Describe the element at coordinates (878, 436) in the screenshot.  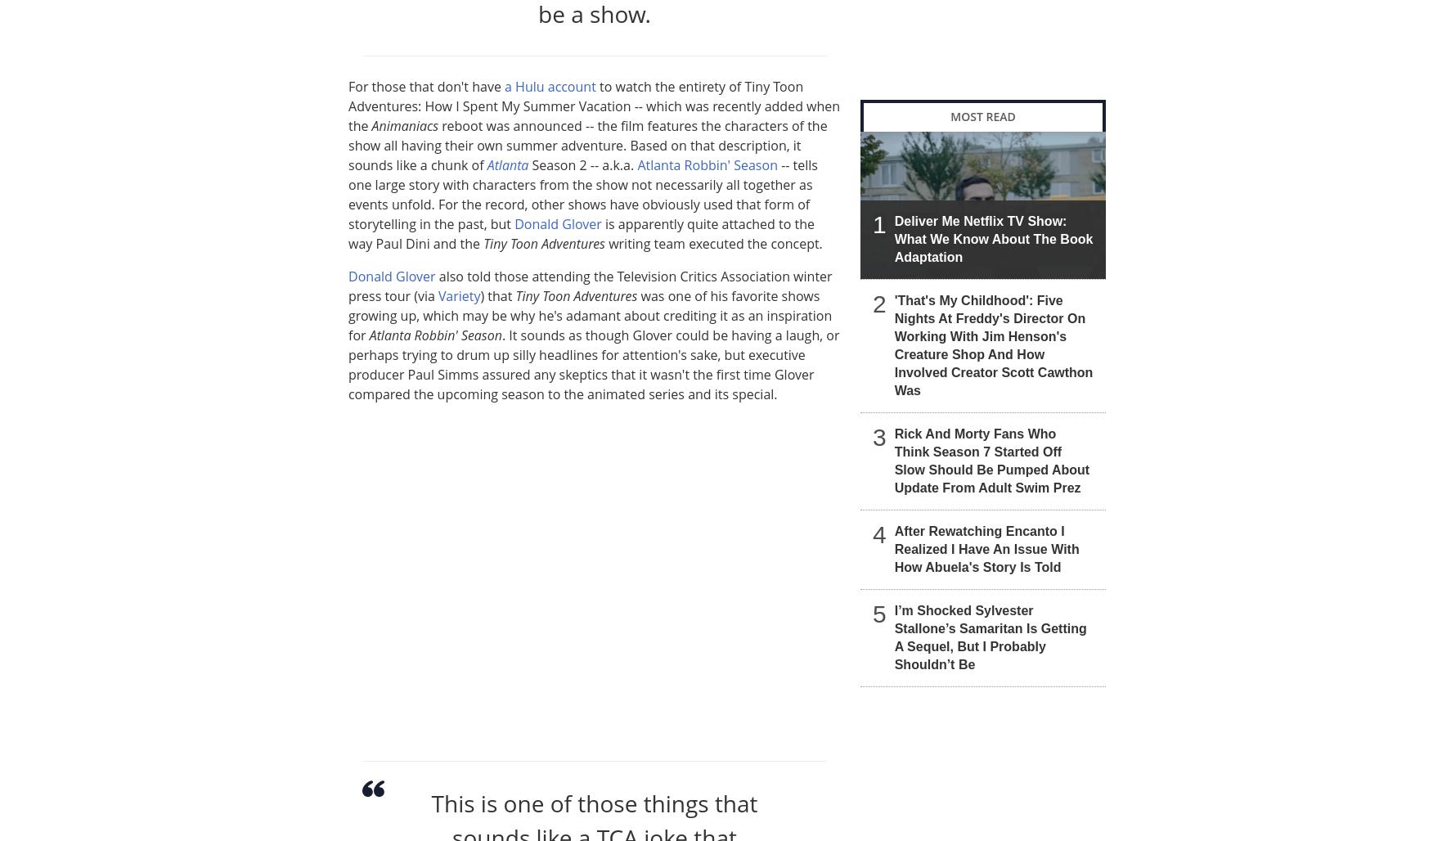
I see `'3'` at that location.